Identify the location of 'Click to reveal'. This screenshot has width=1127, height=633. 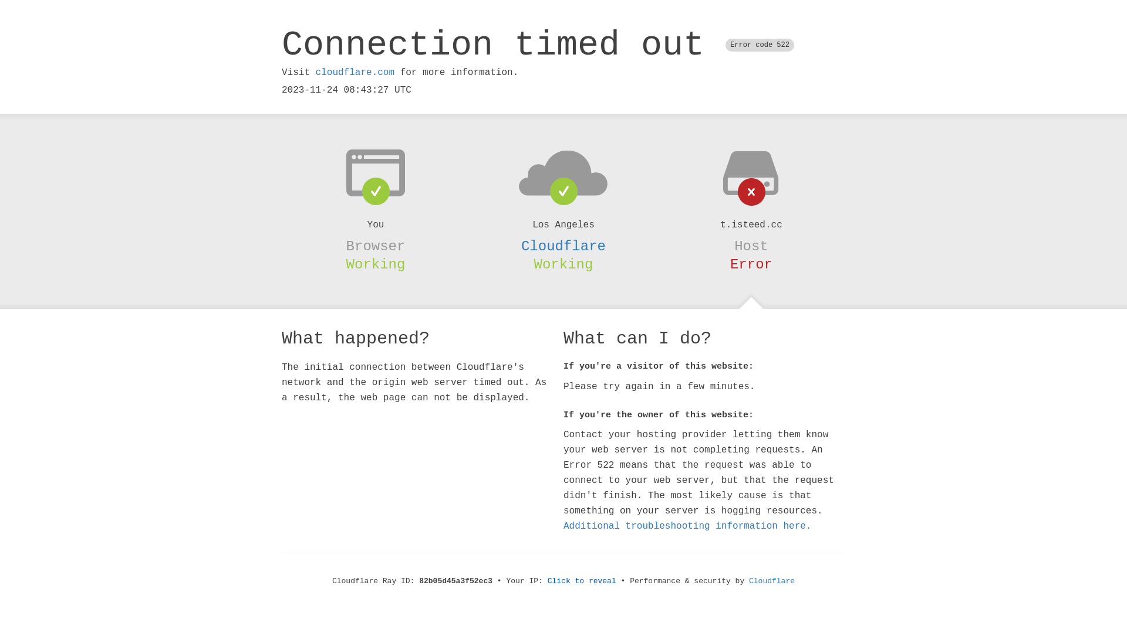
(582, 581).